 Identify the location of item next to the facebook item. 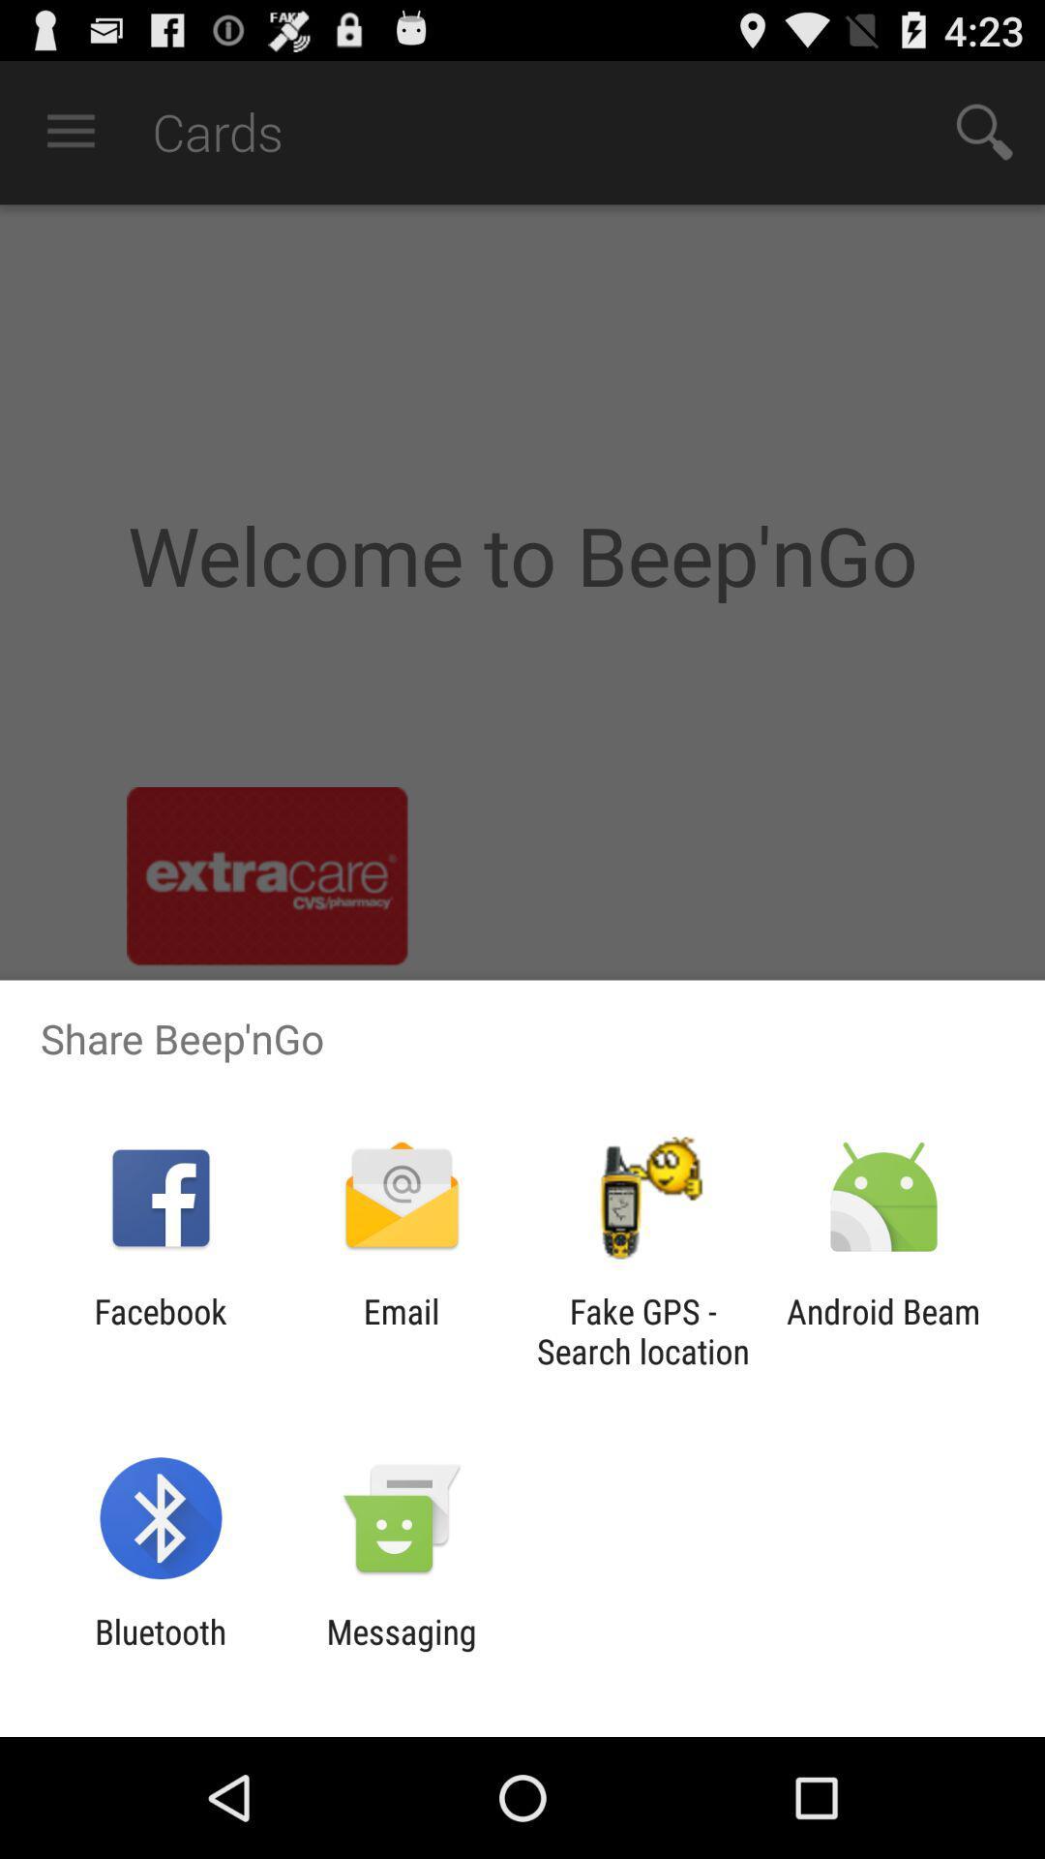
(401, 1330).